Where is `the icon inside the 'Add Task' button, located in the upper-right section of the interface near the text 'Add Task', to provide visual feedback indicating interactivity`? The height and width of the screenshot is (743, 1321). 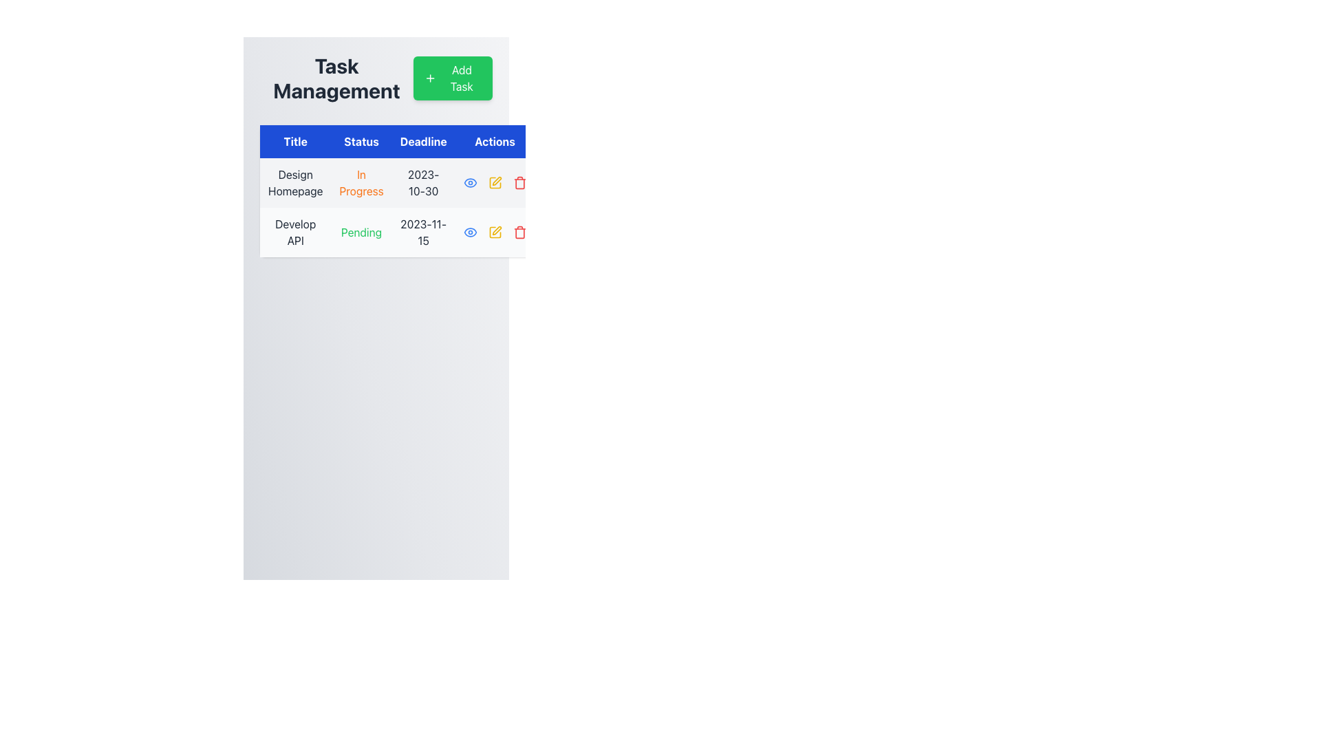 the icon inside the 'Add Task' button, located in the upper-right section of the interface near the text 'Add Task', to provide visual feedback indicating interactivity is located at coordinates (429, 78).